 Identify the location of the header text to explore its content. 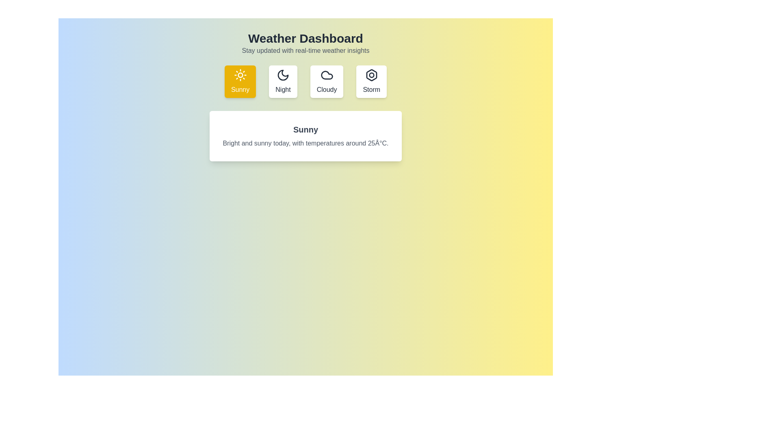
(305, 43).